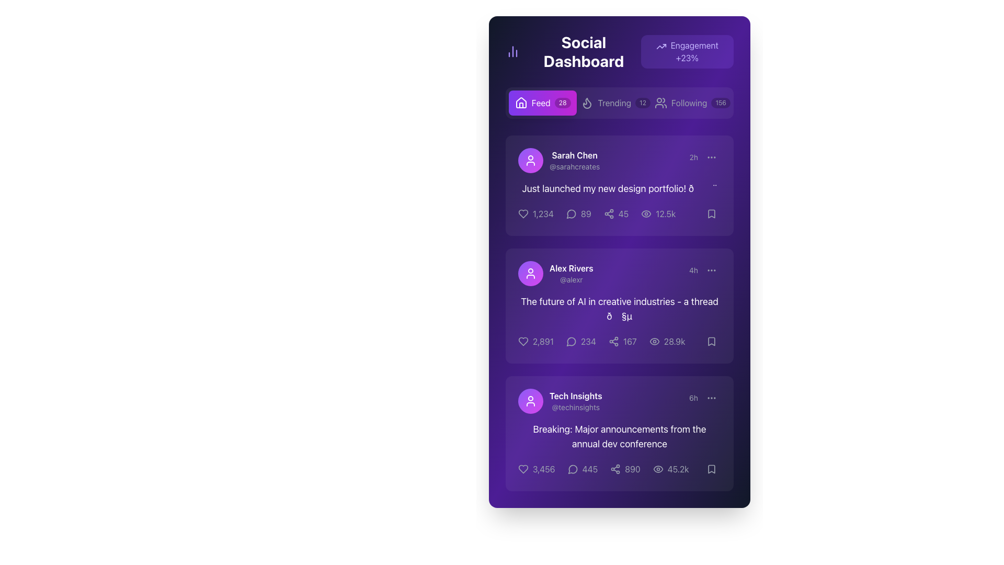 This screenshot has width=1004, height=565. I want to click on the save button located at the bottom-right corner of the card in the second row of the feed, so click(711, 341).